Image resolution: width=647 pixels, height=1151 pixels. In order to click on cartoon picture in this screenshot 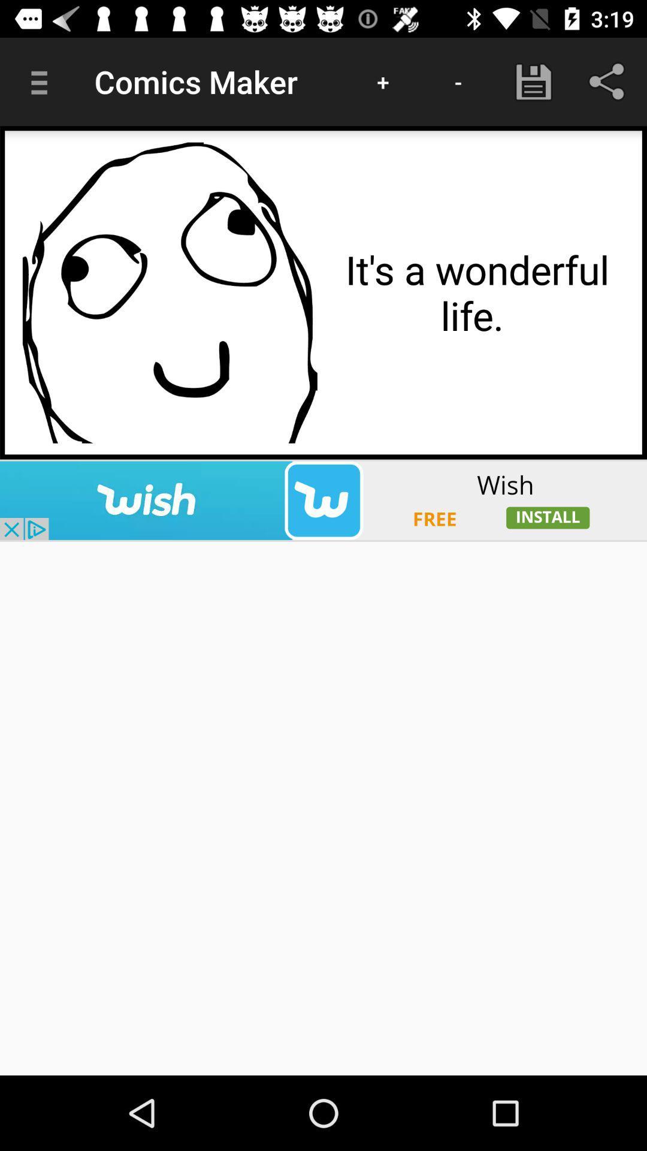, I will do `click(170, 293)`.